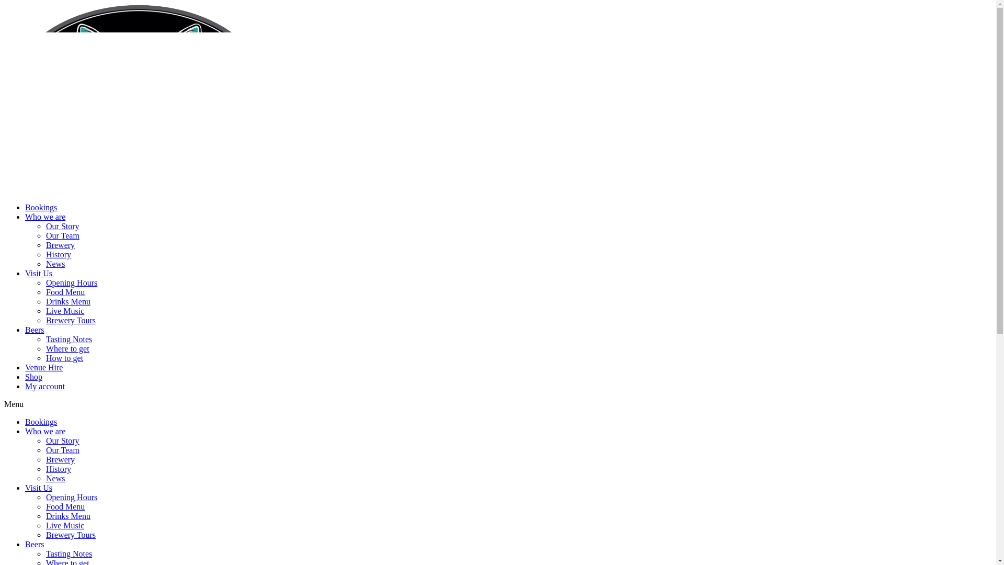 This screenshot has height=565, width=1004. Describe the element at coordinates (45, 235) in the screenshot. I see `'Our Team'` at that location.